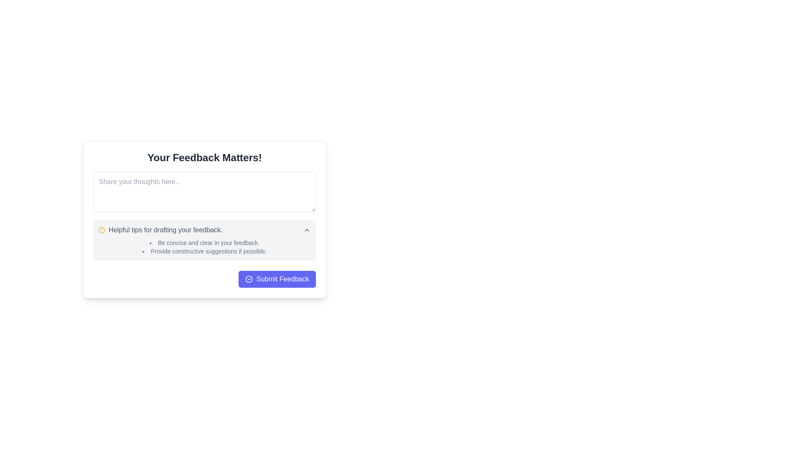 This screenshot has width=812, height=457. Describe the element at coordinates (205, 247) in the screenshot. I see `the Text block in list format that provides helpful, actionable tips for users filling out feedback forms, located below the 'Helpful tips for drafting your feedback' section` at that location.